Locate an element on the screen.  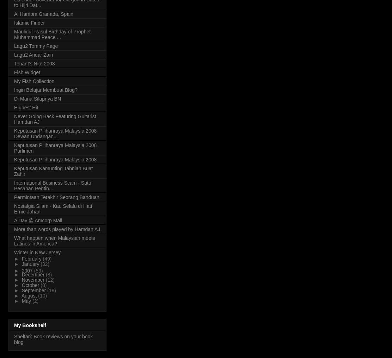
'Fish Widget' is located at coordinates (14, 72).